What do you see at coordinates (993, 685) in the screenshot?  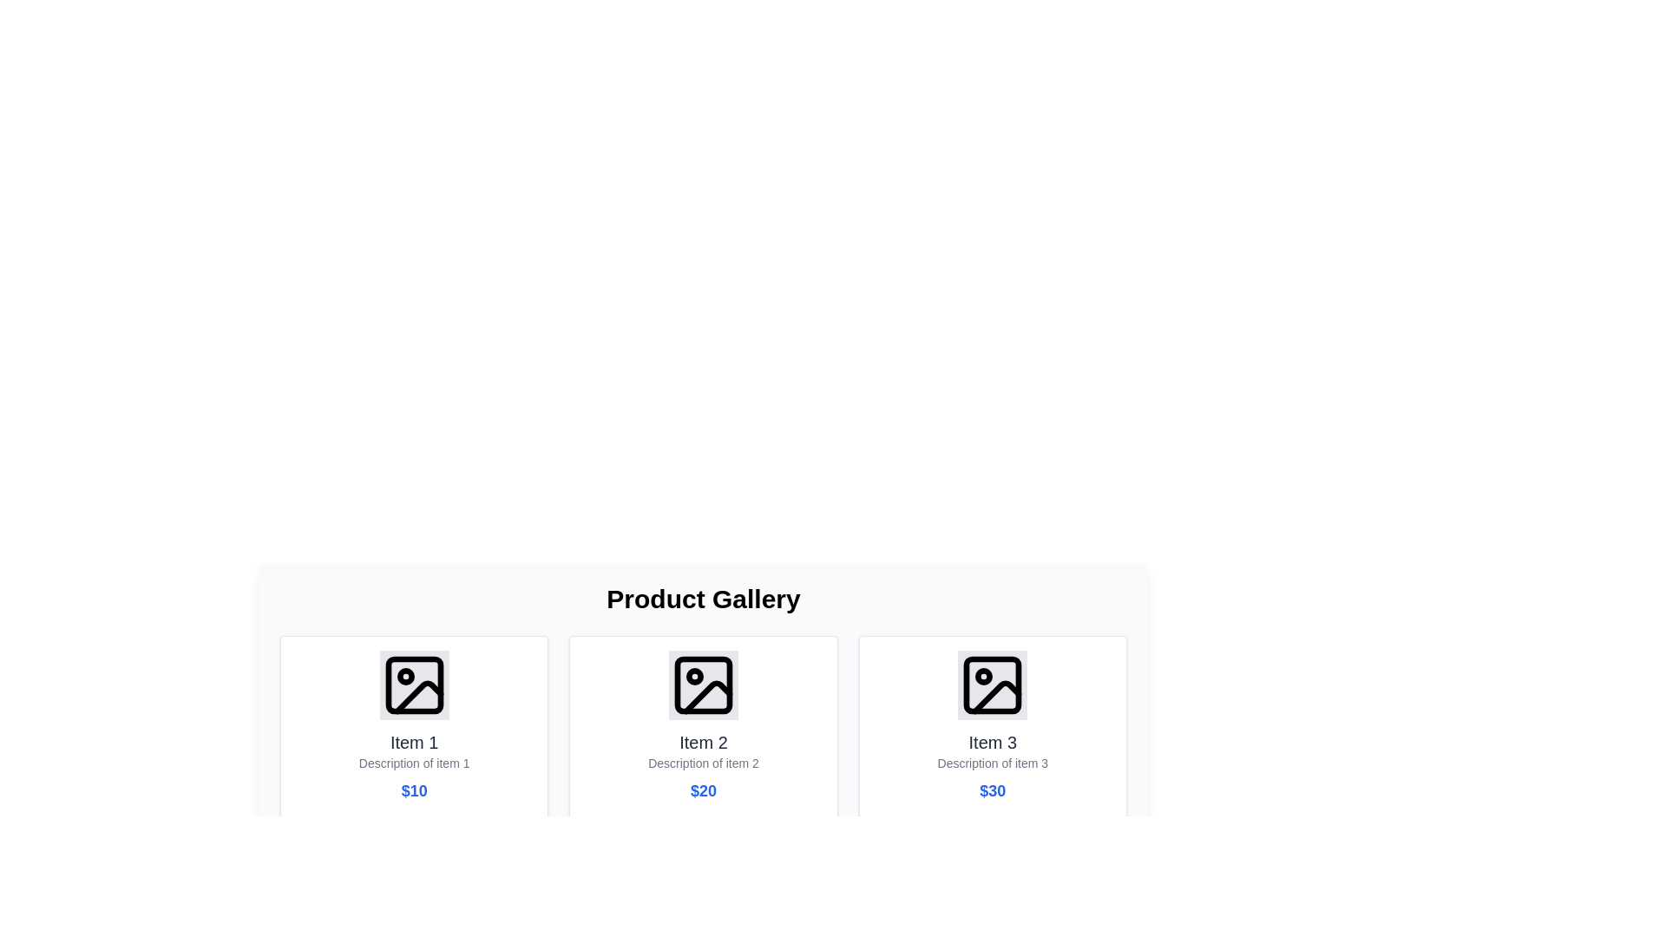 I see `the basic SVG rectangle element styled as a filled gray box without borders, located within the 'Item 3' image area` at bounding box center [993, 685].